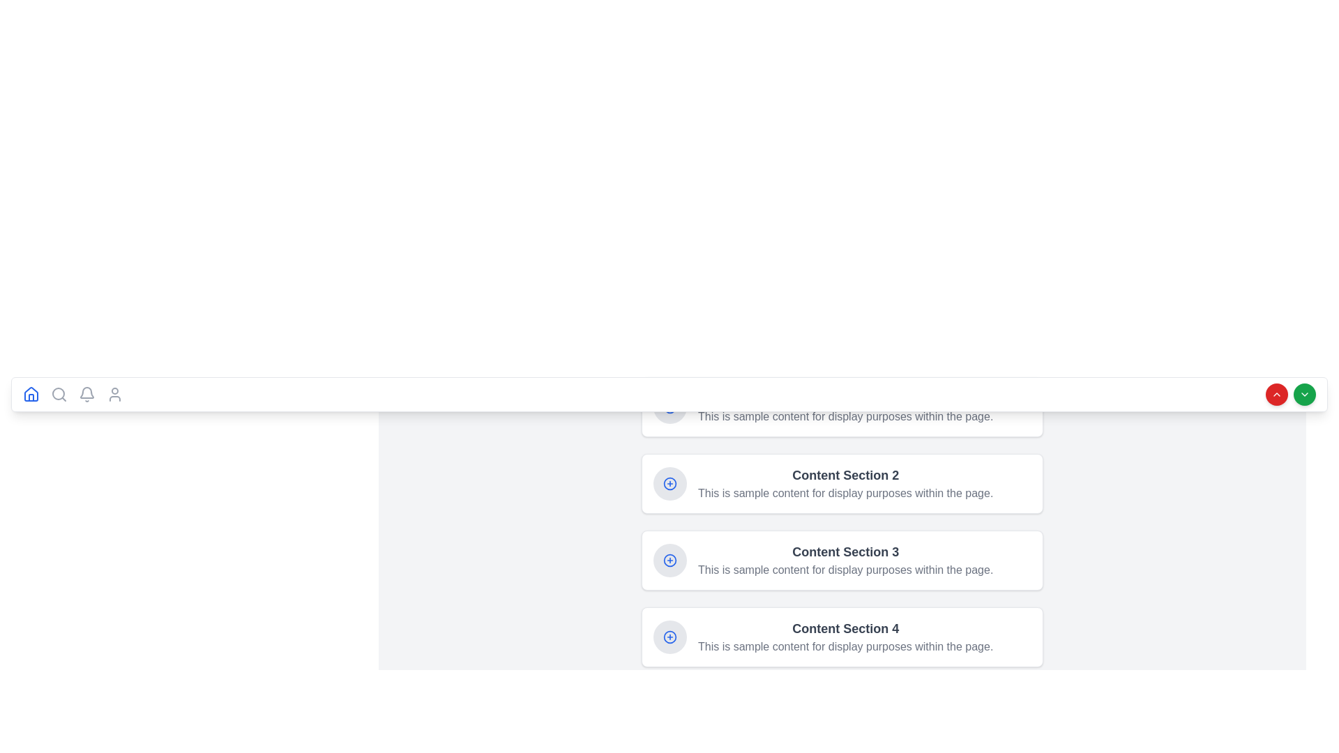 Image resolution: width=1339 pixels, height=753 pixels. I want to click on the outermost circle of the circular-plus icon located to the left of the text 'Content Section 4', so click(669, 637).